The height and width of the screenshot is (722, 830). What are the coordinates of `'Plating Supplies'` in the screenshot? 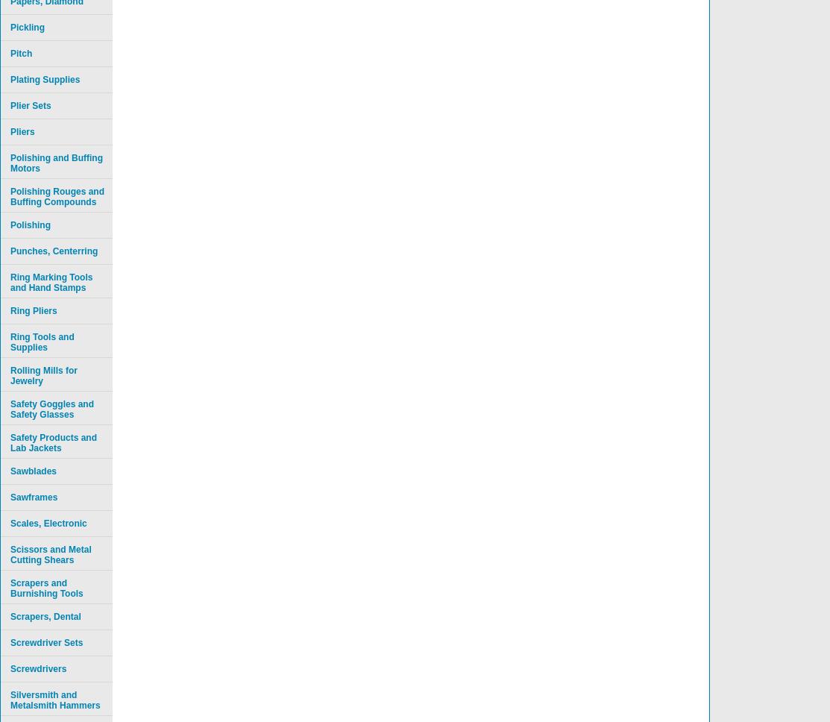 It's located at (10, 79).